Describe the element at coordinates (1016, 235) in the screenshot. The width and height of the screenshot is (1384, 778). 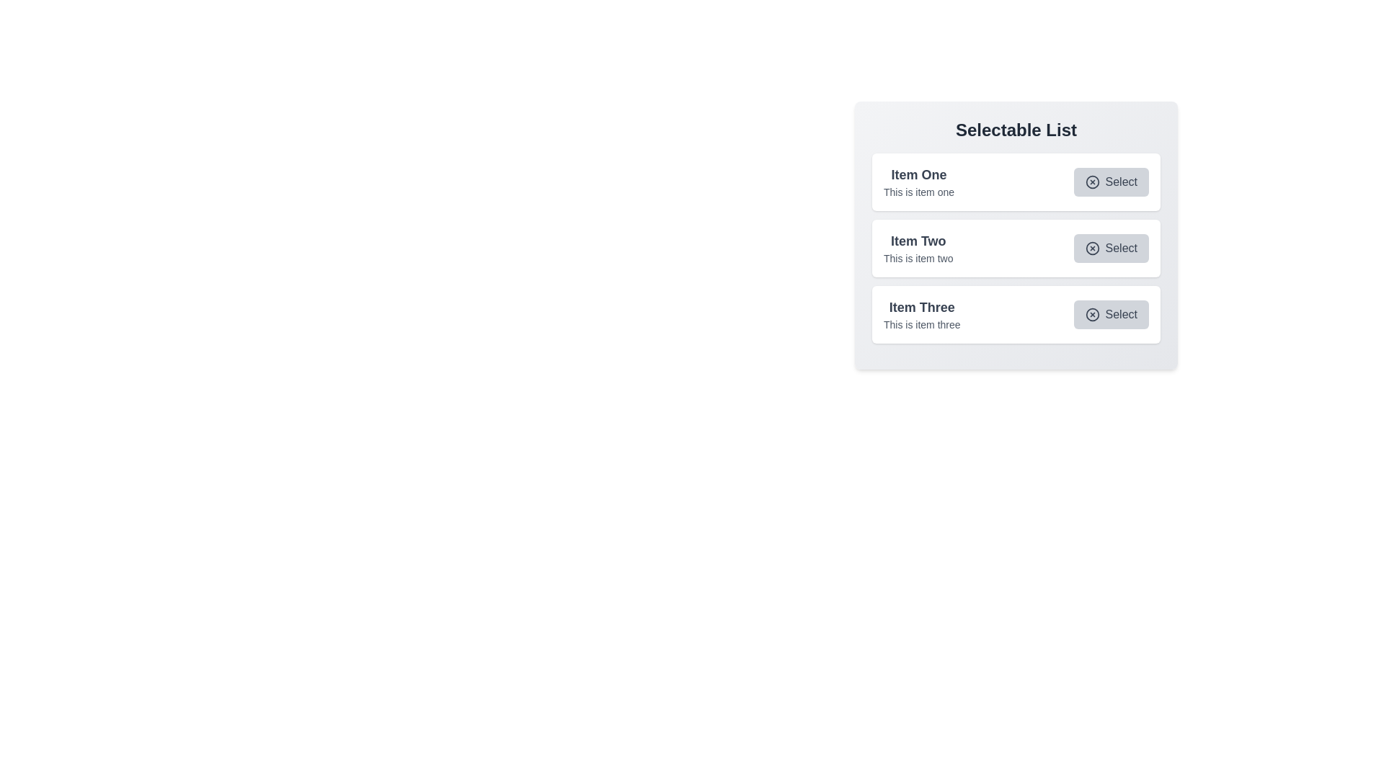
I see `the main container of the list to focus on it` at that location.